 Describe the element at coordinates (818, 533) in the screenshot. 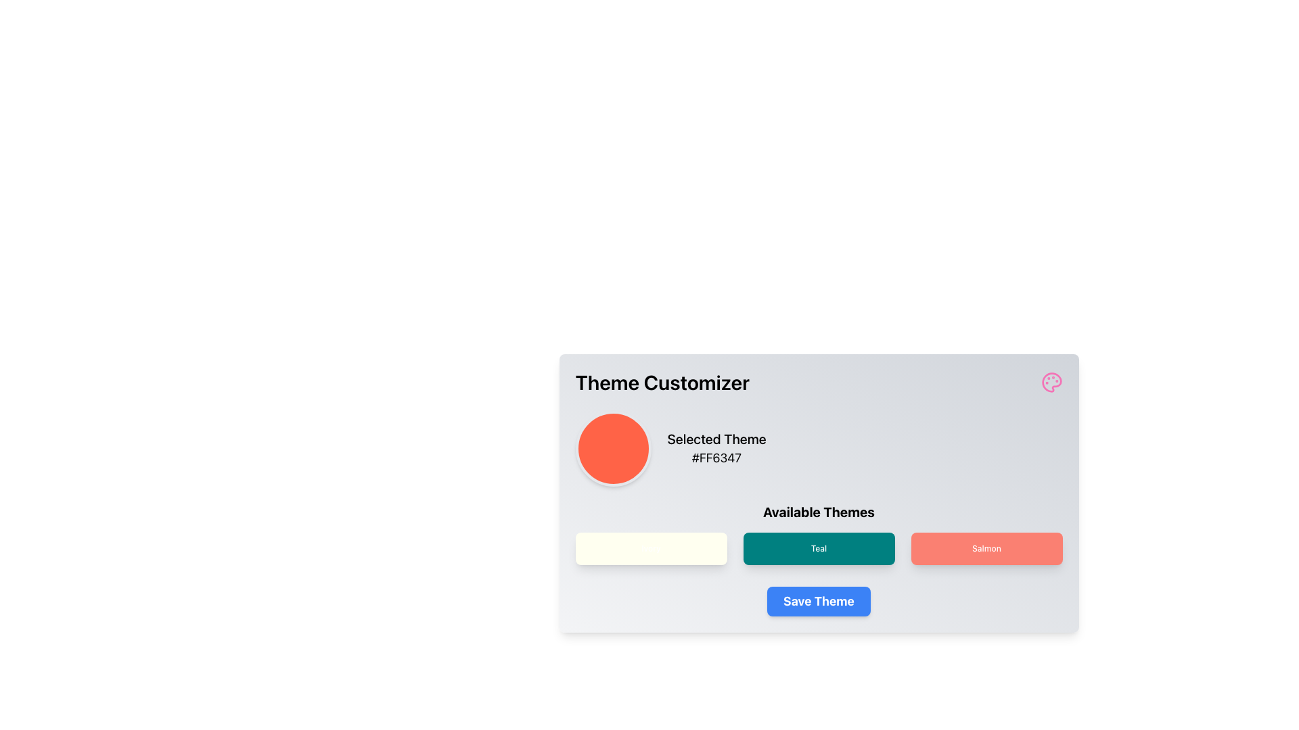

I see `the middle button representing the theme color 'Teal' under the header 'Available Themes'` at that location.